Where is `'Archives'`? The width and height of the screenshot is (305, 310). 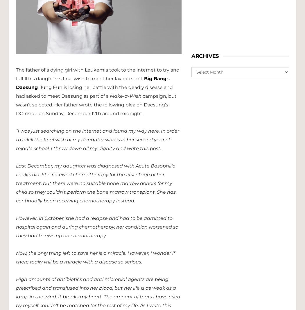
'Archives' is located at coordinates (205, 56).